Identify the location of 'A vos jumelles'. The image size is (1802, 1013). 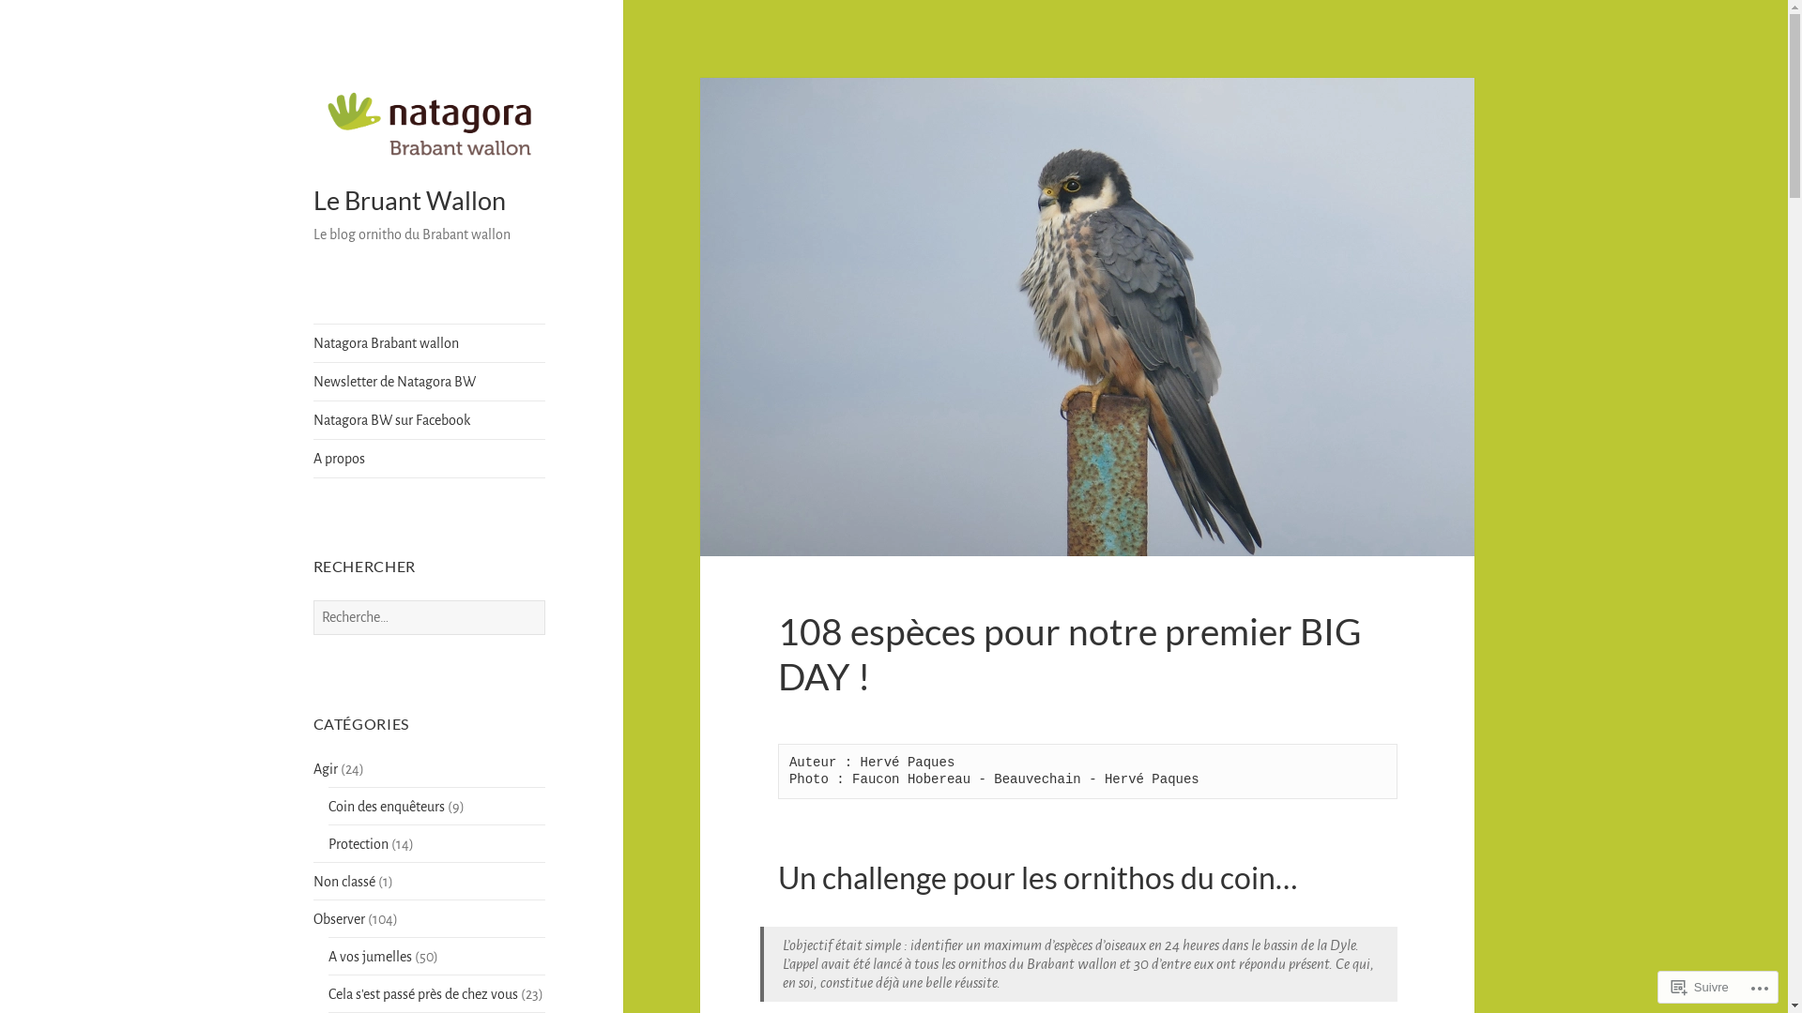
(370, 956).